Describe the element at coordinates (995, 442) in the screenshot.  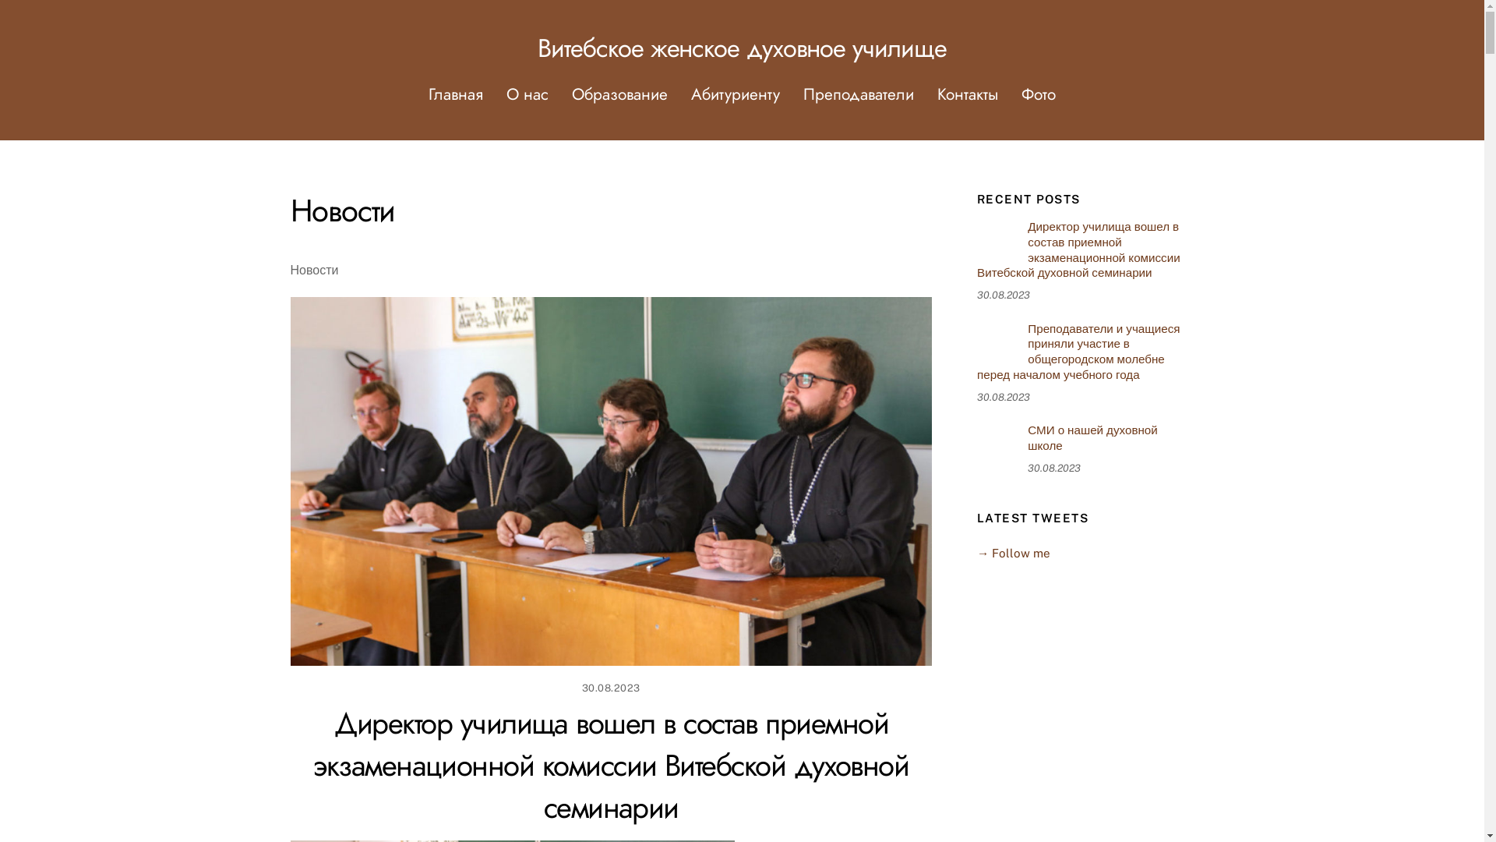
I see `'https://gorodvitebsk.by/'` at that location.